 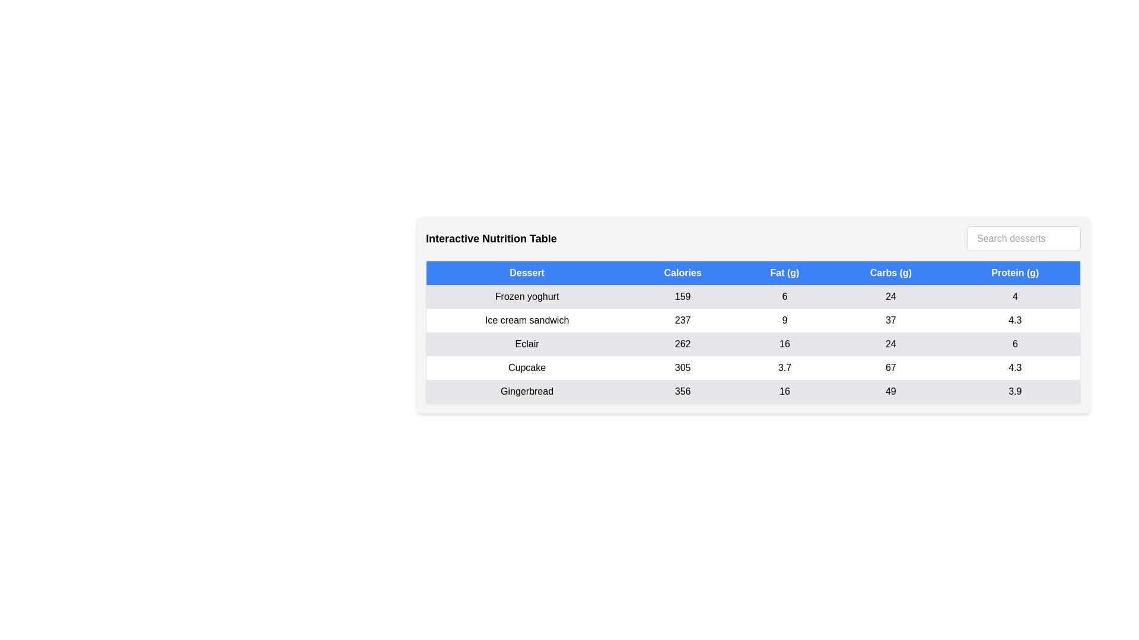 I want to click on the column header Dessert, so click(x=526, y=273).